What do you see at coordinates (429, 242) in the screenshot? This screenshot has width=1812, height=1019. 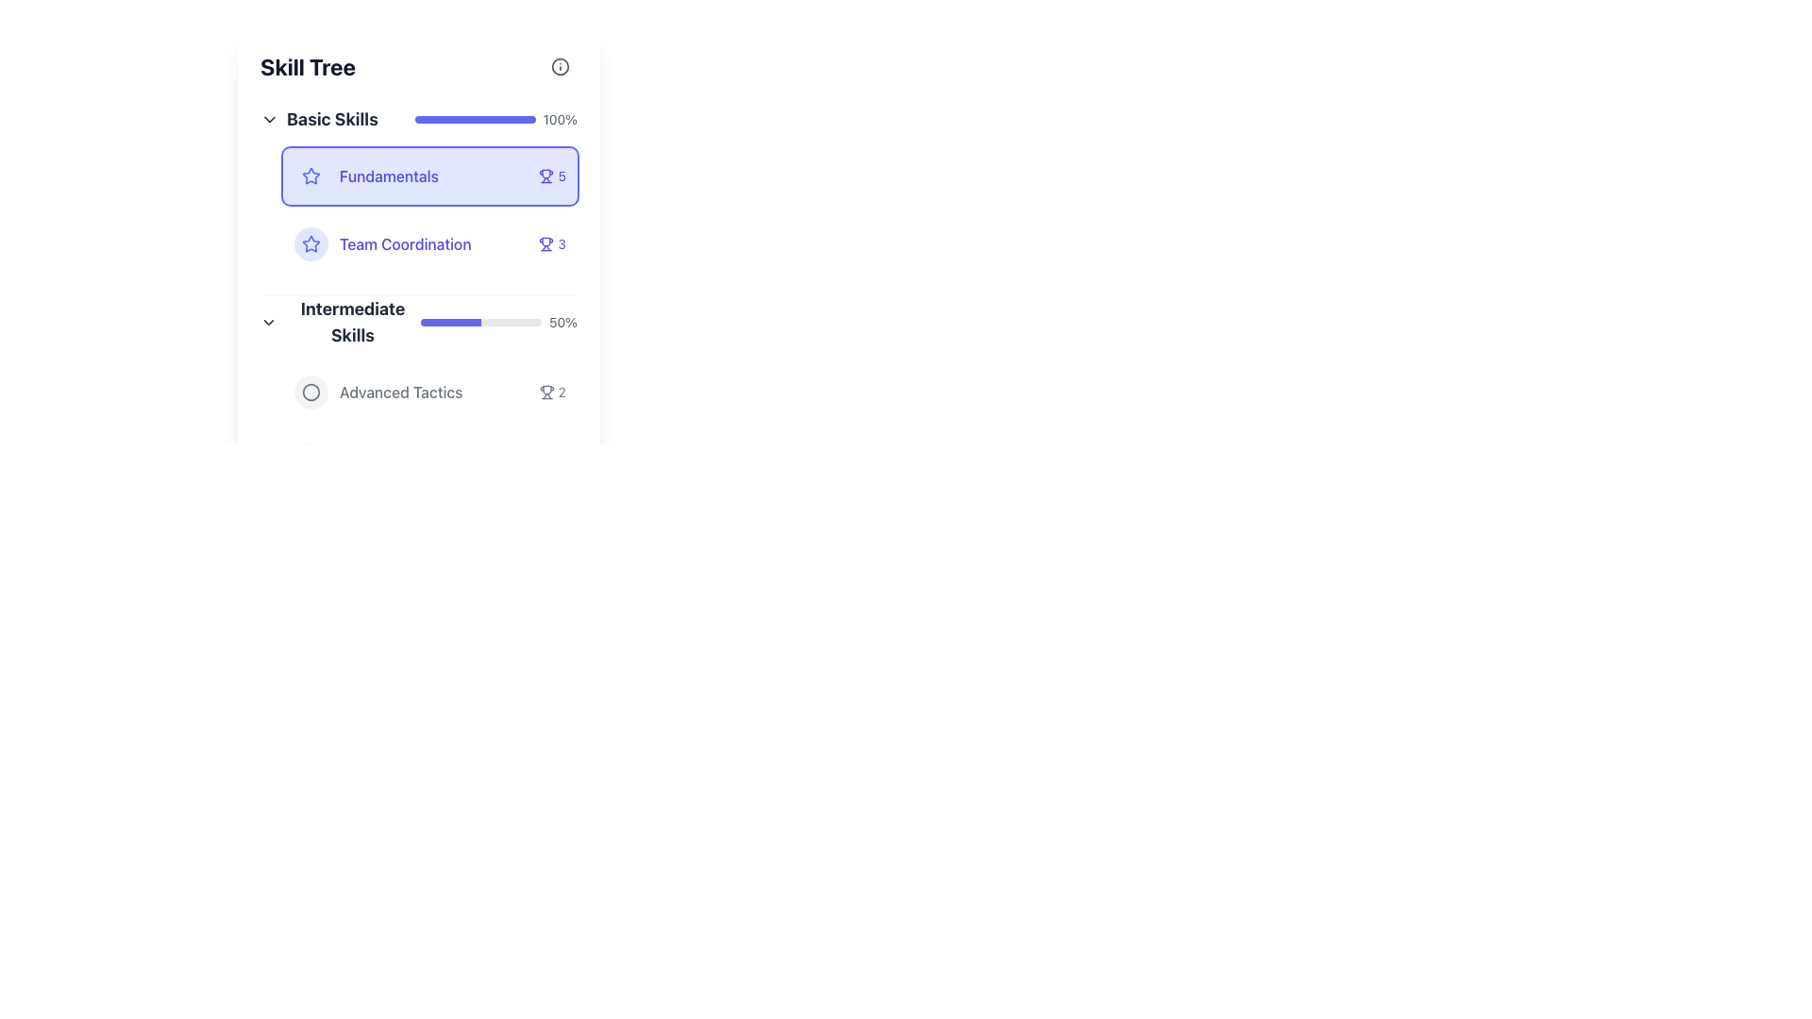 I see `the 'Team Coordination' skill block` at bounding box center [429, 242].